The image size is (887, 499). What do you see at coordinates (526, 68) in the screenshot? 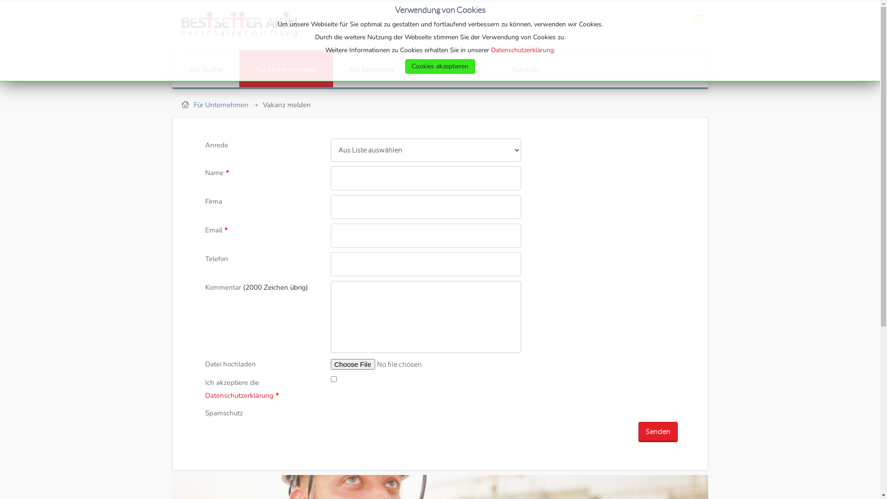
I see `'Kontakt'` at bounding box center [526, 68].